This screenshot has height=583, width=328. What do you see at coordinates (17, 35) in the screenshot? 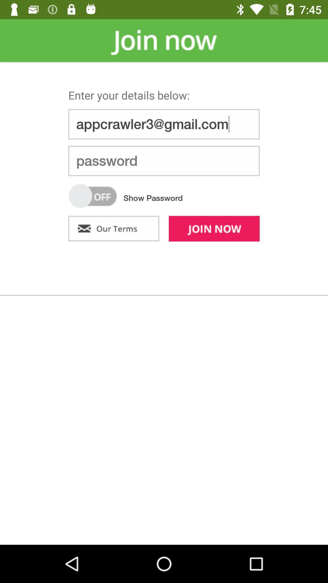
I see `the close icon` at bounding box center [17, 35].